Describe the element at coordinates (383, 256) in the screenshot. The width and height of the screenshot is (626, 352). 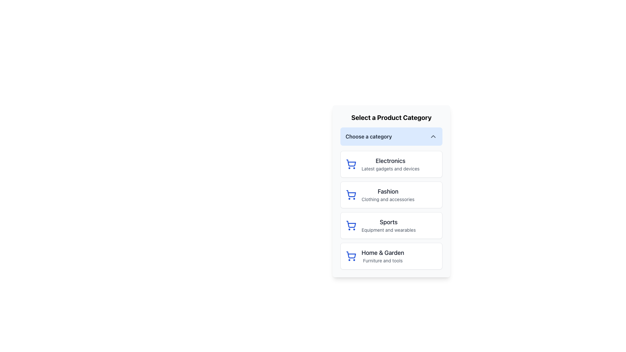
I see `the 'Home & Garden' text label in the fourth card of the vertical category list` at that location.